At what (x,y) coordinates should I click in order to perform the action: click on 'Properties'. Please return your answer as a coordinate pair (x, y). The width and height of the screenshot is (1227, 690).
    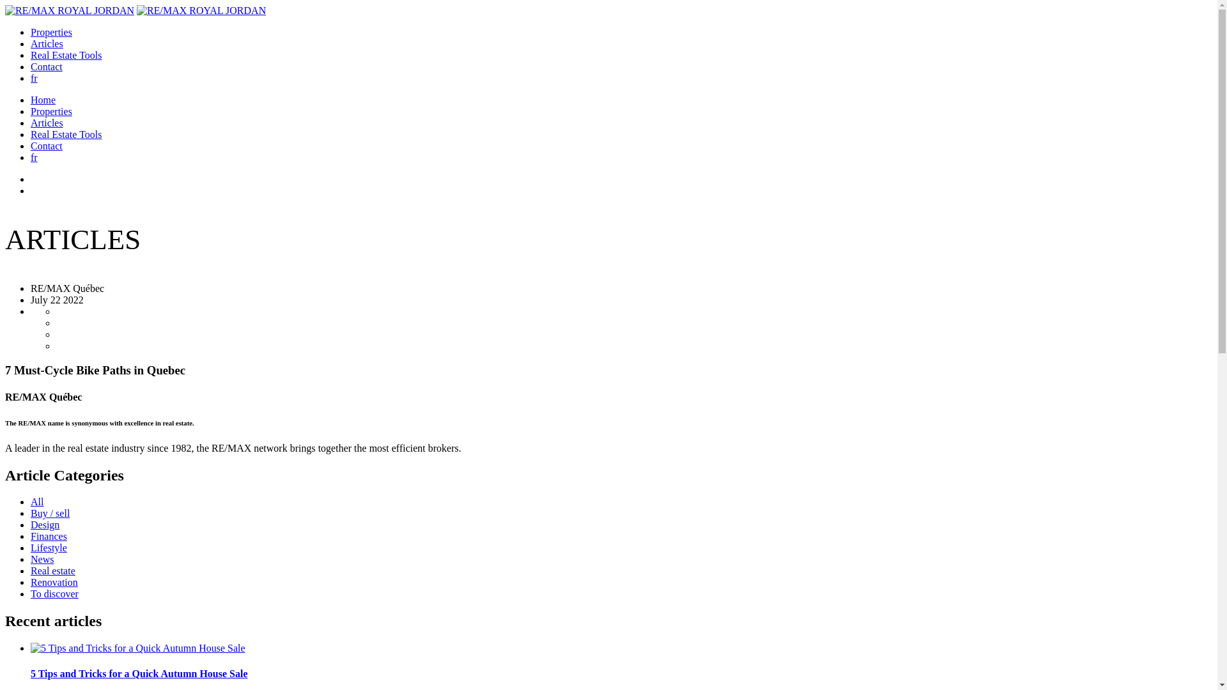
    Looking at the image, I should click on (51, 31).